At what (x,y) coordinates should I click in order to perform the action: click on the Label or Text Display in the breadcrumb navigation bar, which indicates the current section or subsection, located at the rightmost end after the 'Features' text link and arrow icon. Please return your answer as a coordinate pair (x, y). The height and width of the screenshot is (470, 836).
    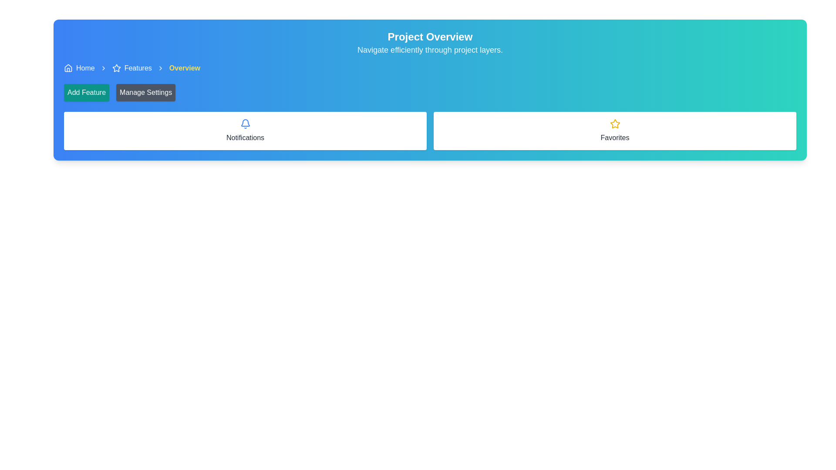
    Looking at the image, I should click on (184, 68).